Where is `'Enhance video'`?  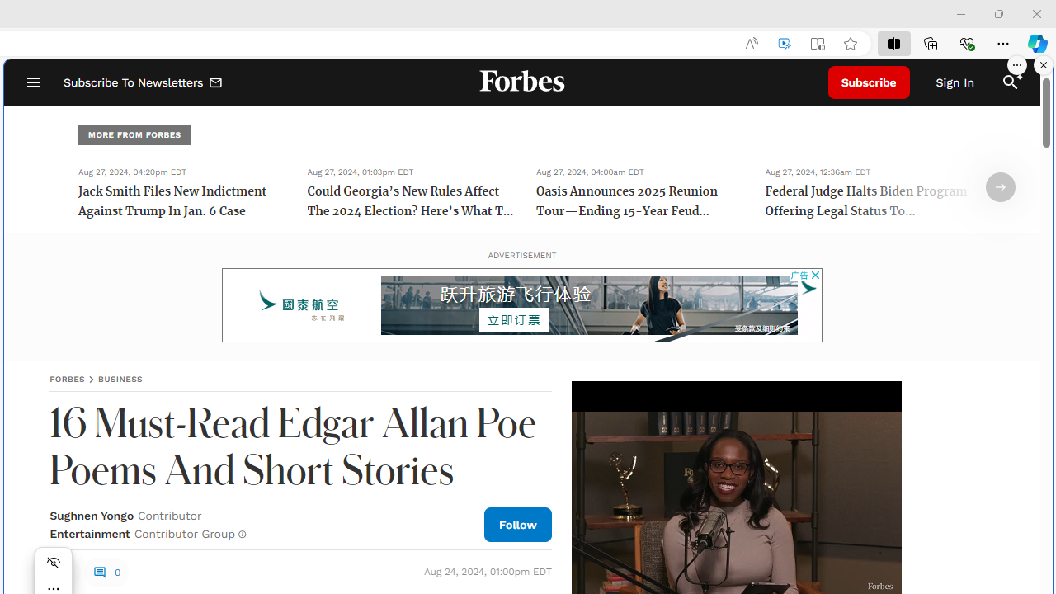 'Enhance video' is located at coordinates (784, 43).